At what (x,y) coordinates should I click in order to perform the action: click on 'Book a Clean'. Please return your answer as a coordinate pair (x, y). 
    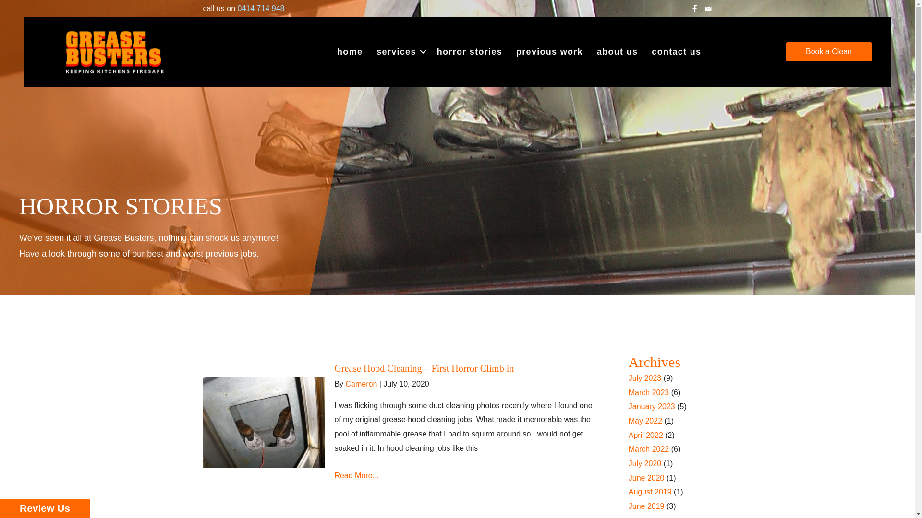
    Looking at the image, I should click on (828, 52).